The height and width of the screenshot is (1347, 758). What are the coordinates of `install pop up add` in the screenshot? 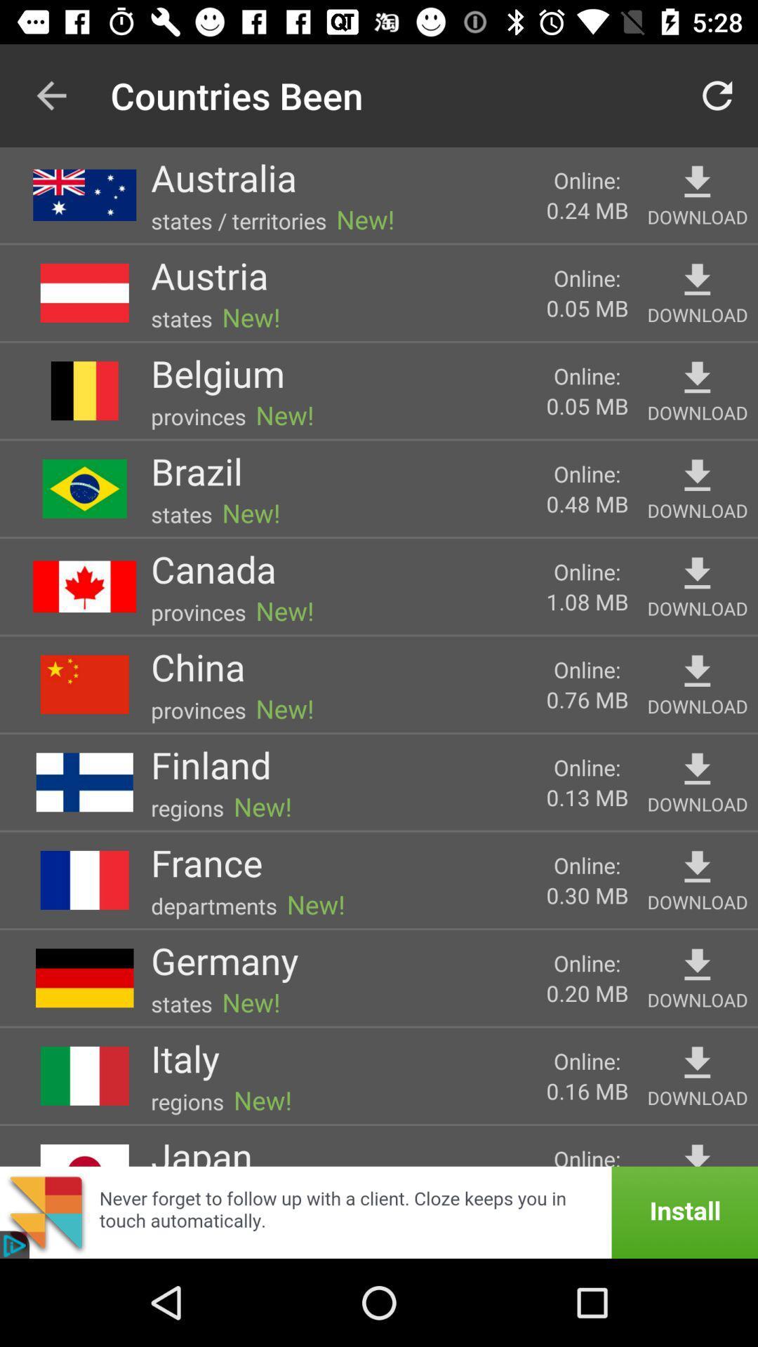 It's located at (379, 1212).